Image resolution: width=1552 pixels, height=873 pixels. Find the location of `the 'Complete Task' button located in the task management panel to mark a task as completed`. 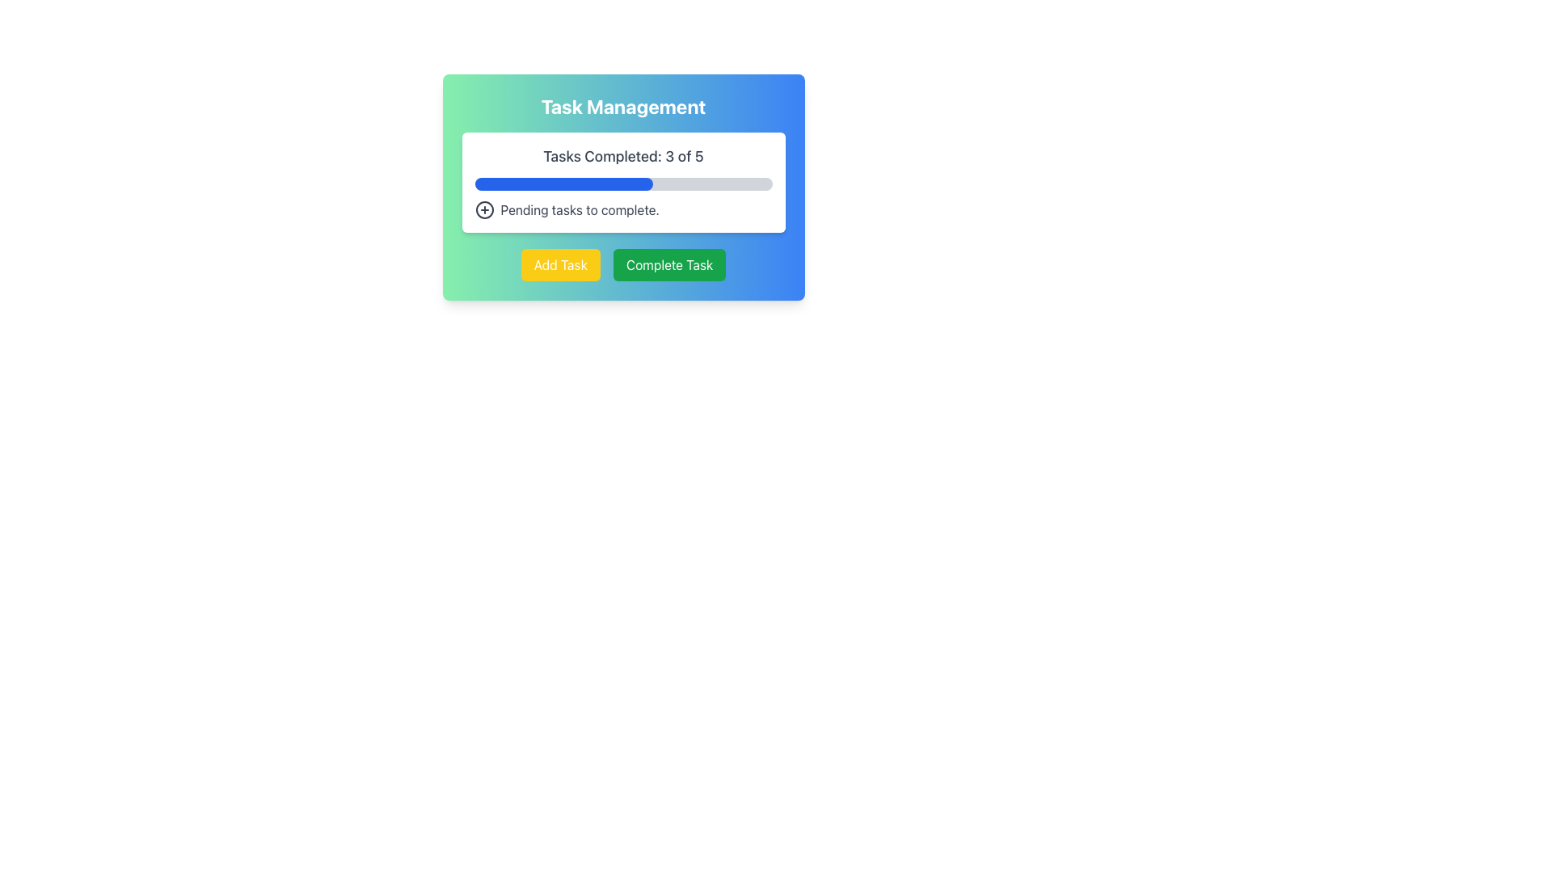

the 'Complete Task' button located in the task management panel to mark a task as completed is located at coordinates (622, 264).